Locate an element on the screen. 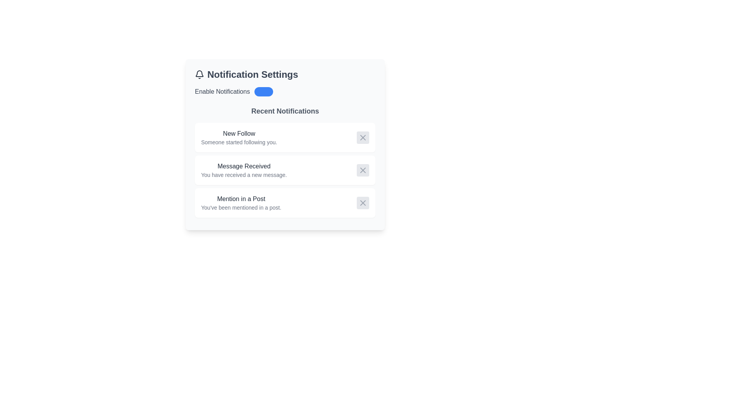 Image resolution: width=747 pixels, height=420 pixels. the small rounded square button with an 'X' icon in the notification panel associated with 'Mention in a Post' is located at coordinates (362, 202).